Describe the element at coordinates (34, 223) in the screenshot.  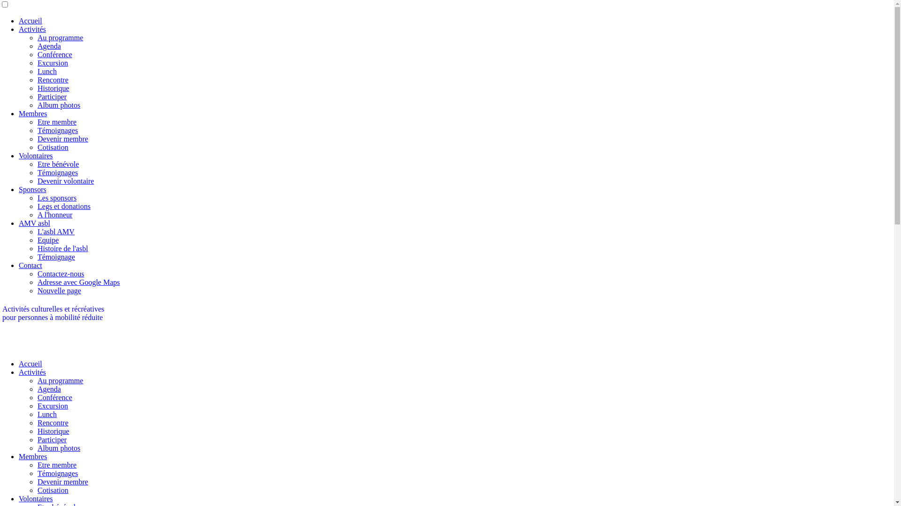
I see `'AMV asbl'` at that location.